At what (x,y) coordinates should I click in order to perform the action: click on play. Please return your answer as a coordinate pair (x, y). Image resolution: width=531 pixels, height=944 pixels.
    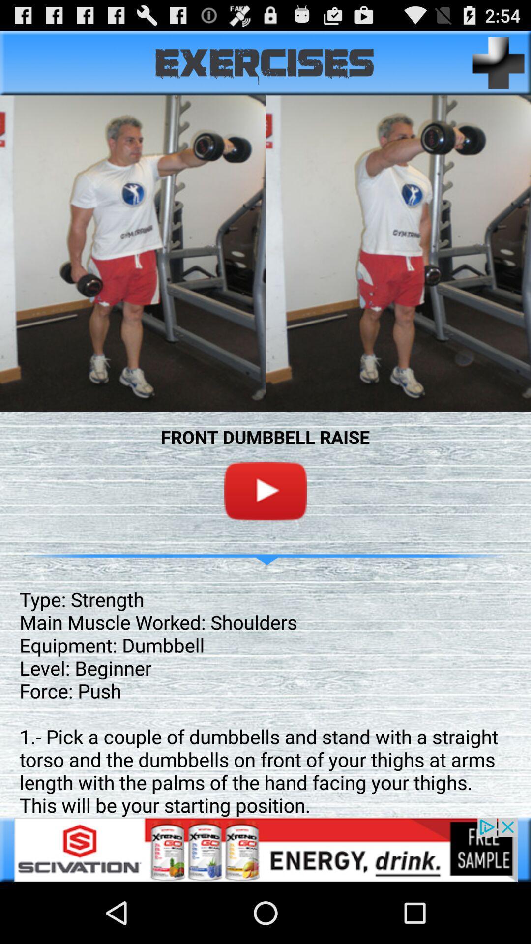
    Looking at the image, I should click on (265, 491).